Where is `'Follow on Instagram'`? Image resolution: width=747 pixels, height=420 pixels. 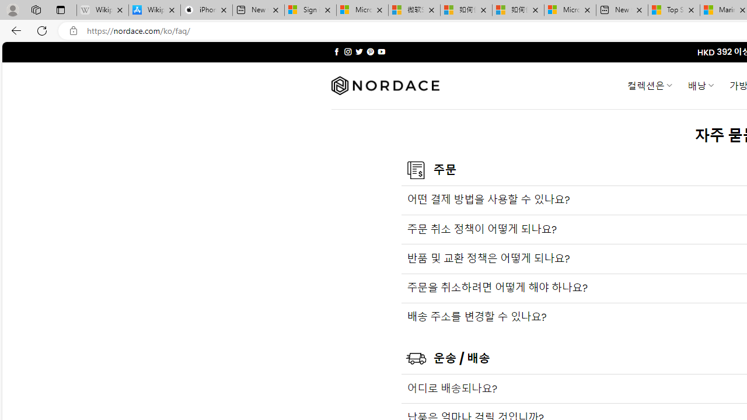
'Follow on Instagram' is located at coordinates (347, 51).